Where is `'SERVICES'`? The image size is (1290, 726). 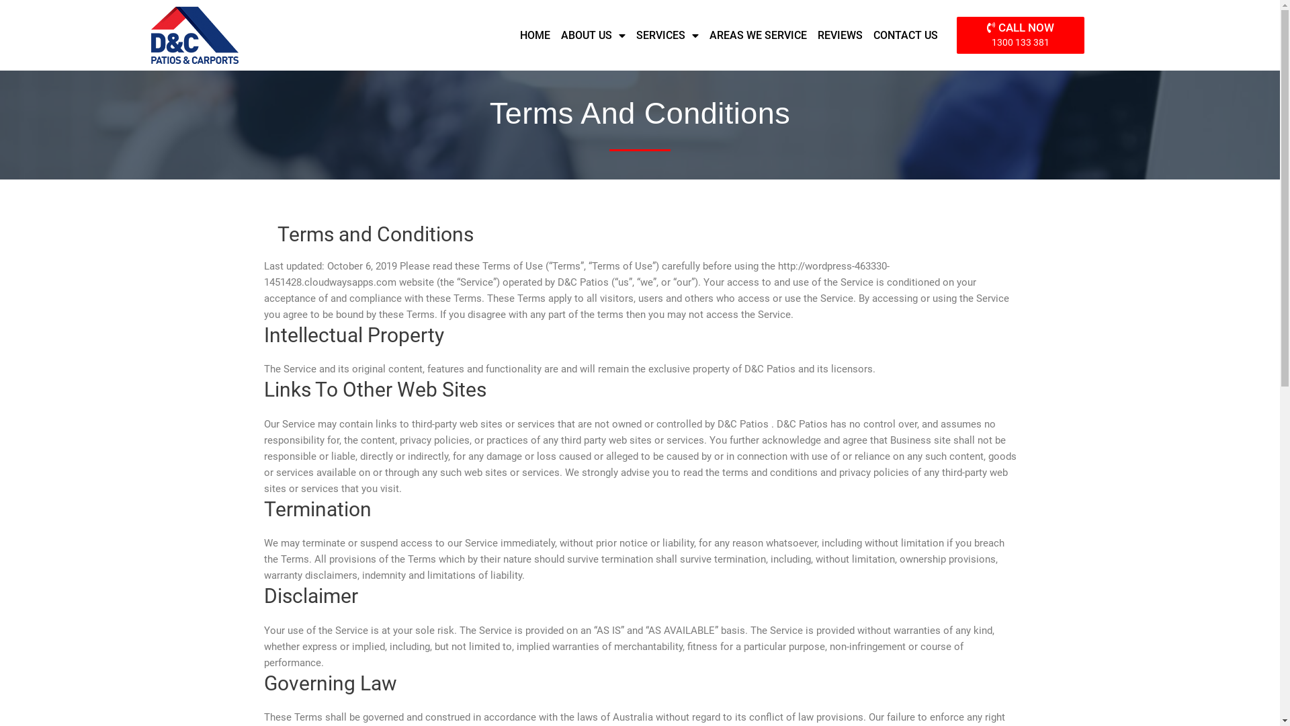
'SERVICES' is located at coordinates (667, 34).